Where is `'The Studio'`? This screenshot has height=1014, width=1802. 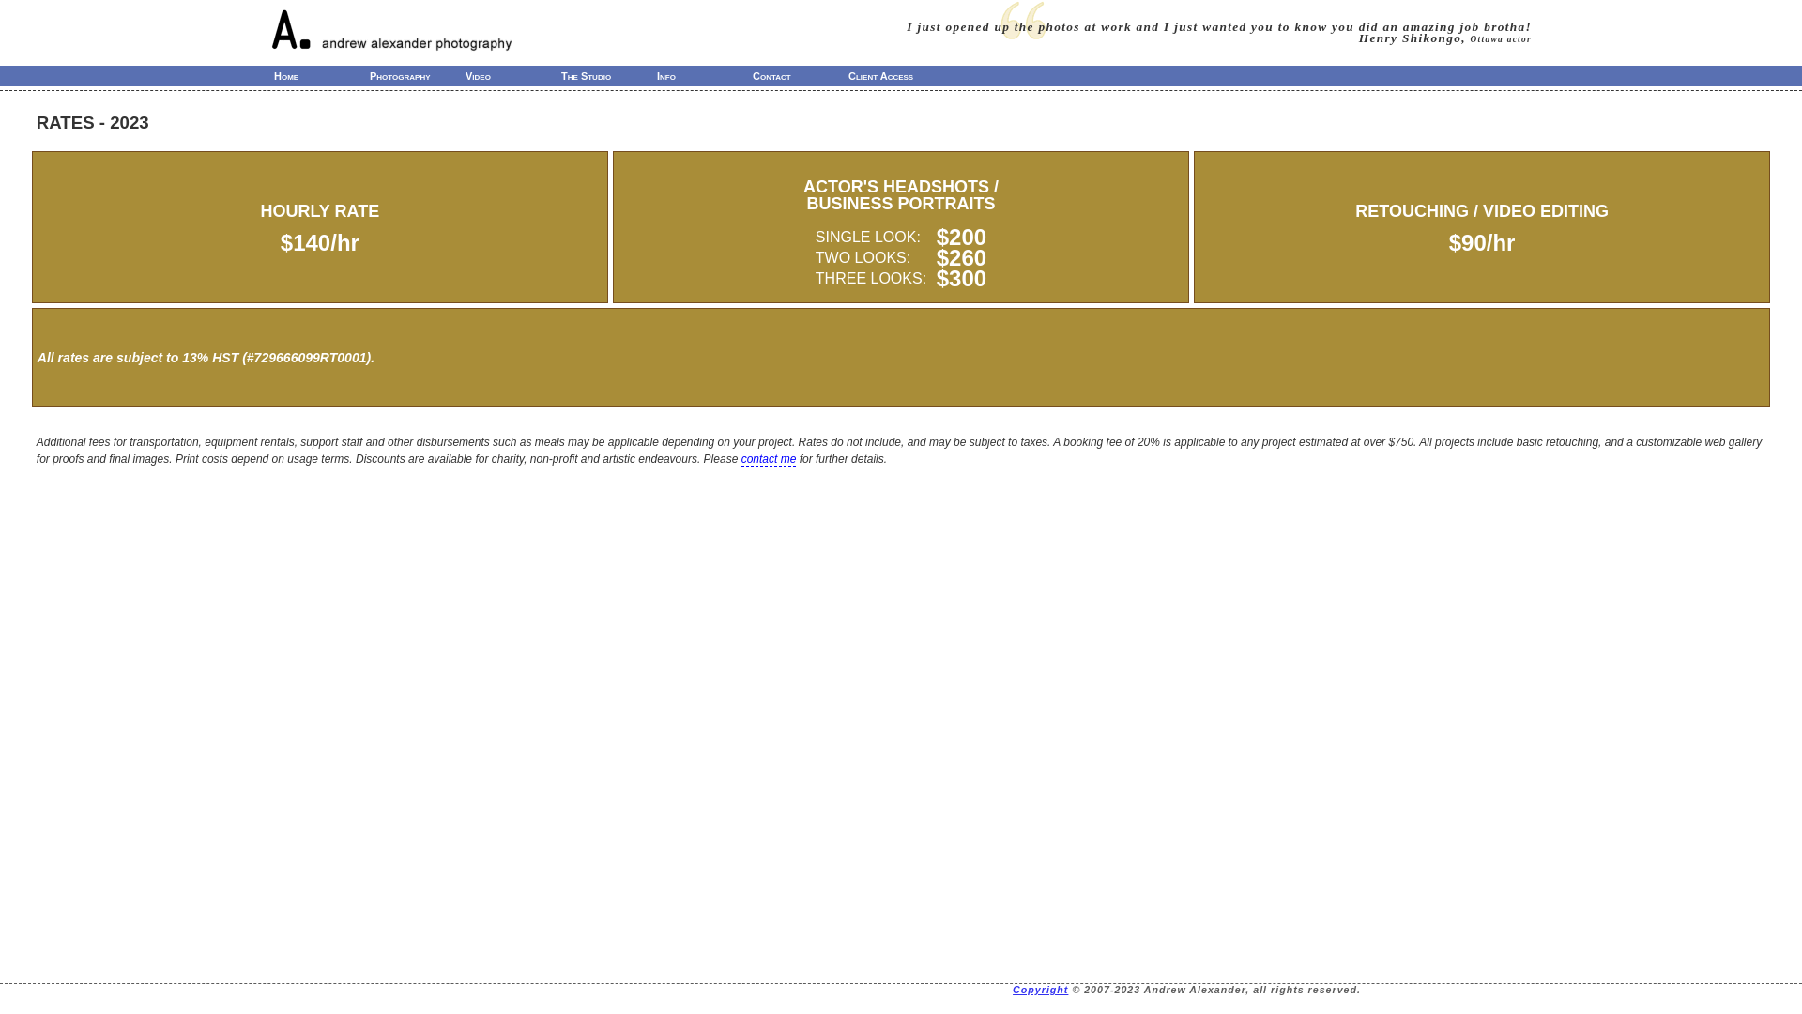 'The Studio' is located at coordinates (557, 75).